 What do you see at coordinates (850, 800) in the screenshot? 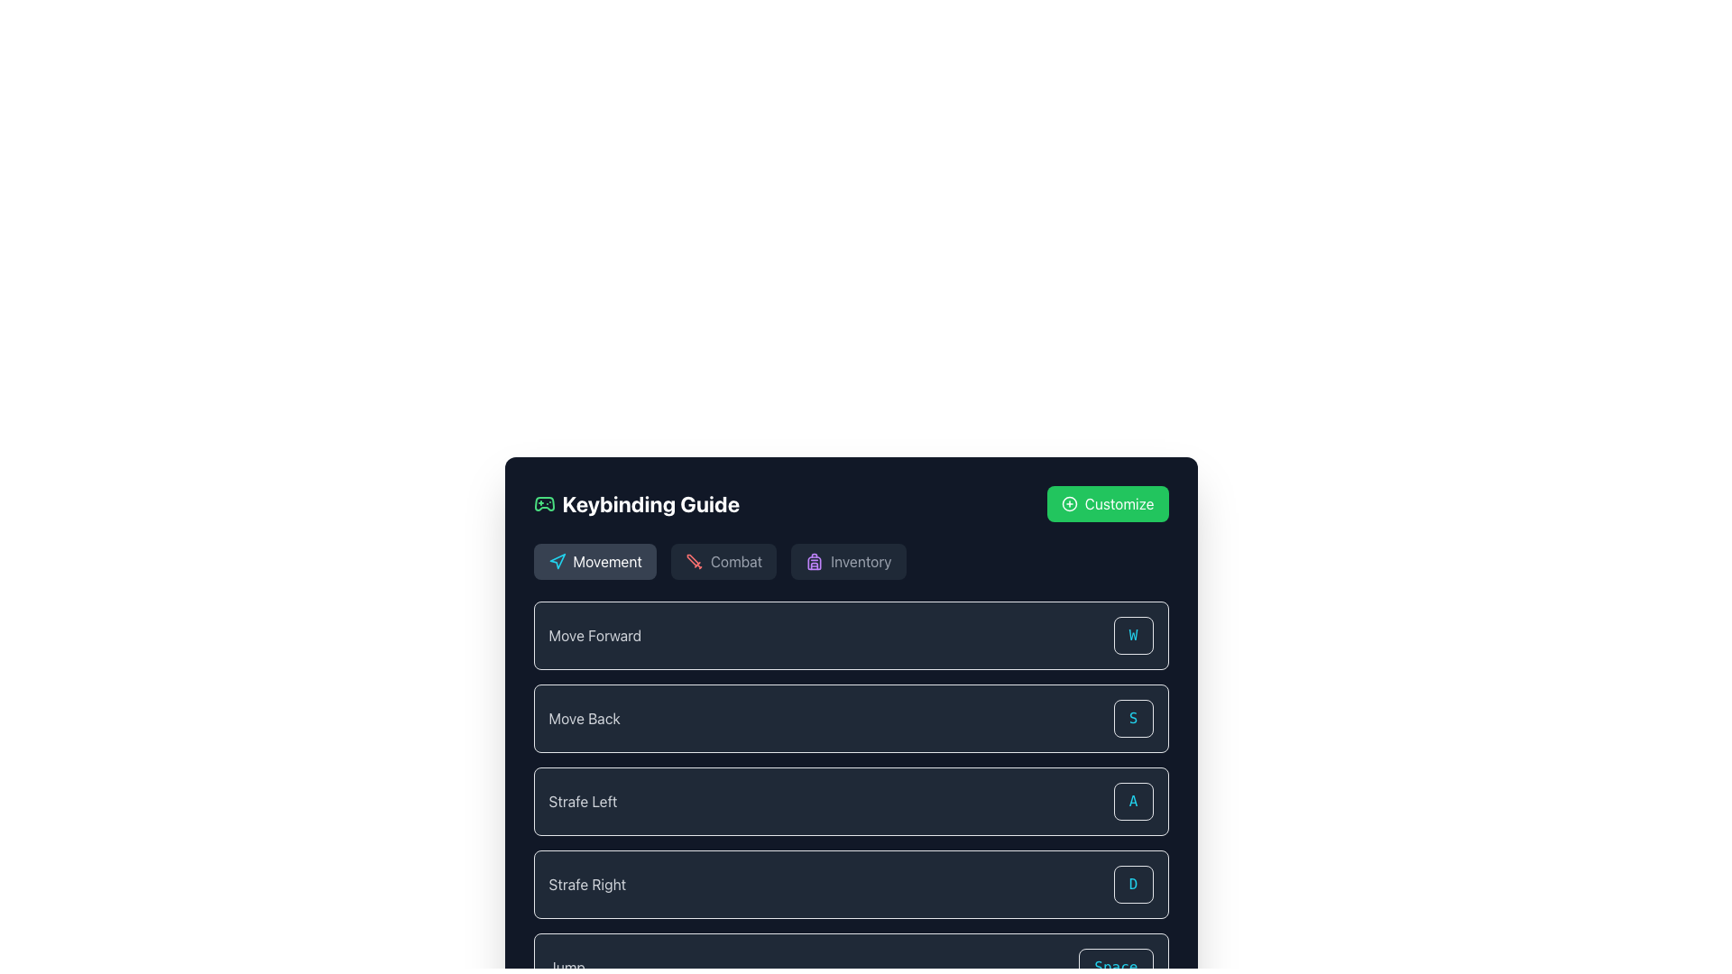
I see `the informational display element indicating the keybind for 'Strafe Left' with the assigned key 'A', located in the 'Keybinding Guide' under the 'Movement' tab` at bounding box center [850, 800].